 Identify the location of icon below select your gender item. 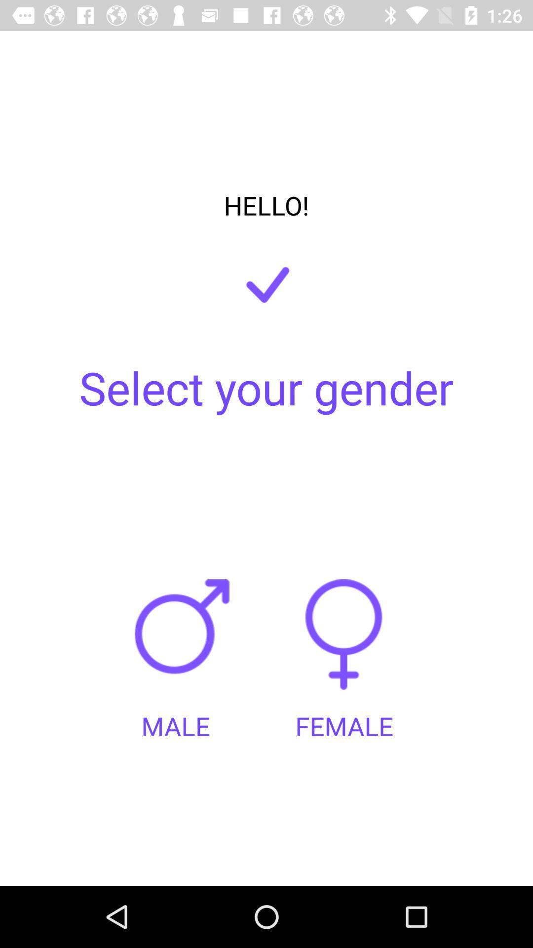
(343, 644).